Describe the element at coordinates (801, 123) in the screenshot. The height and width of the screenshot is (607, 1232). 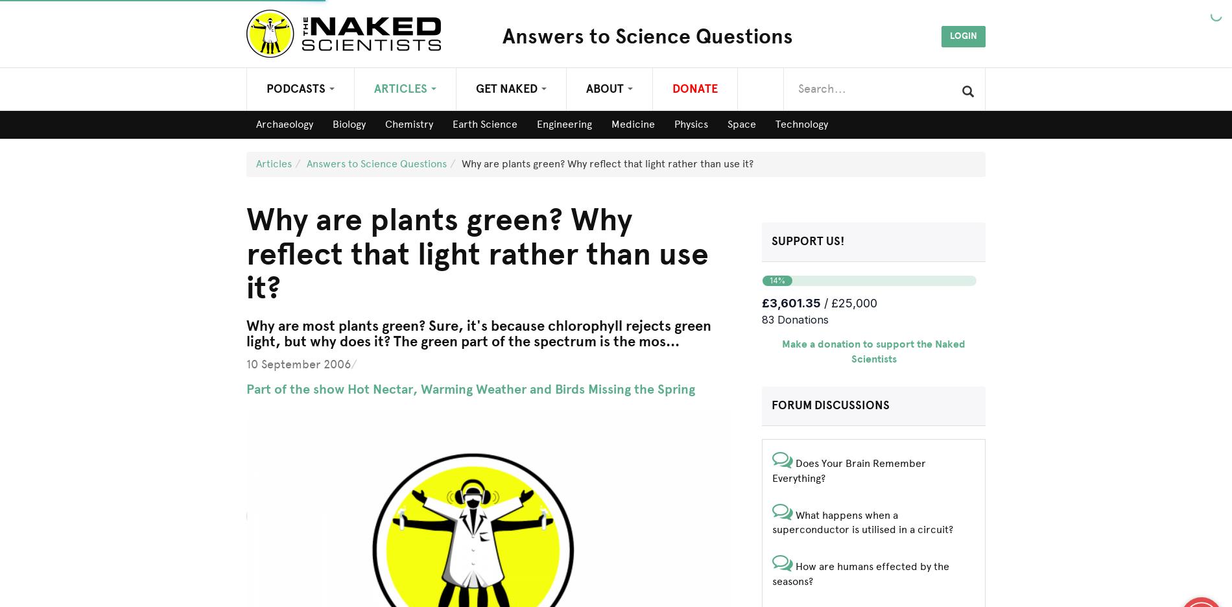
I see `'Technology'` at that location.